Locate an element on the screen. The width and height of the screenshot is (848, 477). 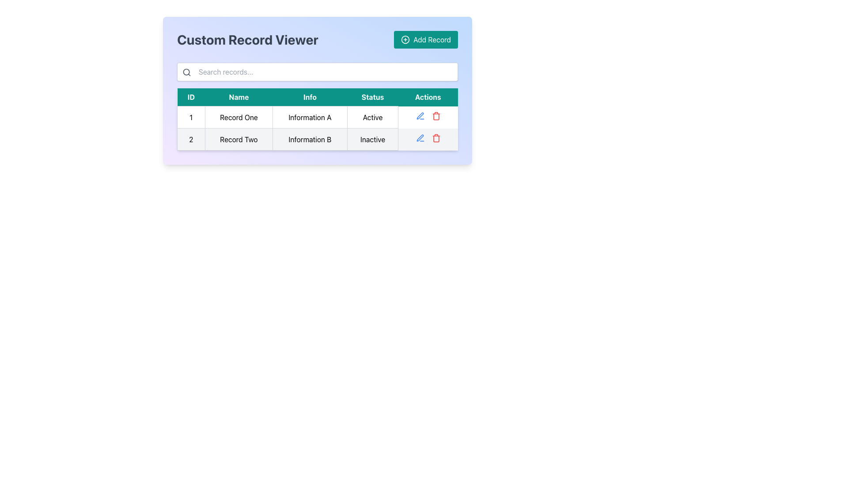
text from the 'Status' Text Label in the first row of the table, which indicates whether the record is 'Active' is located at coordinates (373, 117).